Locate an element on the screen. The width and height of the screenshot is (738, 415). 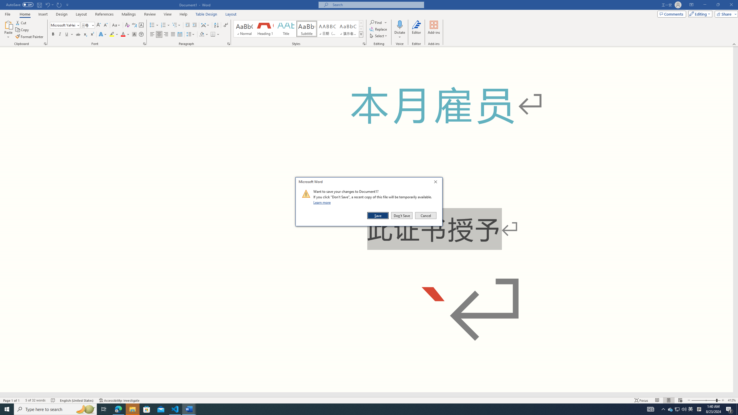
'Text Highlight Color Yellow' is located at coordinates (112, 34).